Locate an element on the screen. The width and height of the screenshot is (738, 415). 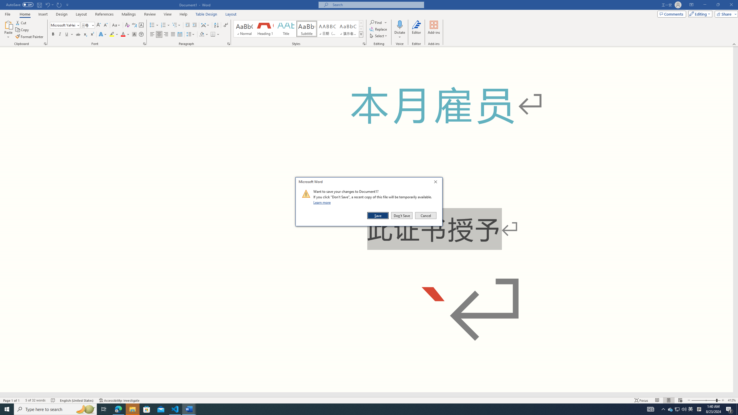
'Text Highlight Color Yellow' is located at coordinates (112, 34).